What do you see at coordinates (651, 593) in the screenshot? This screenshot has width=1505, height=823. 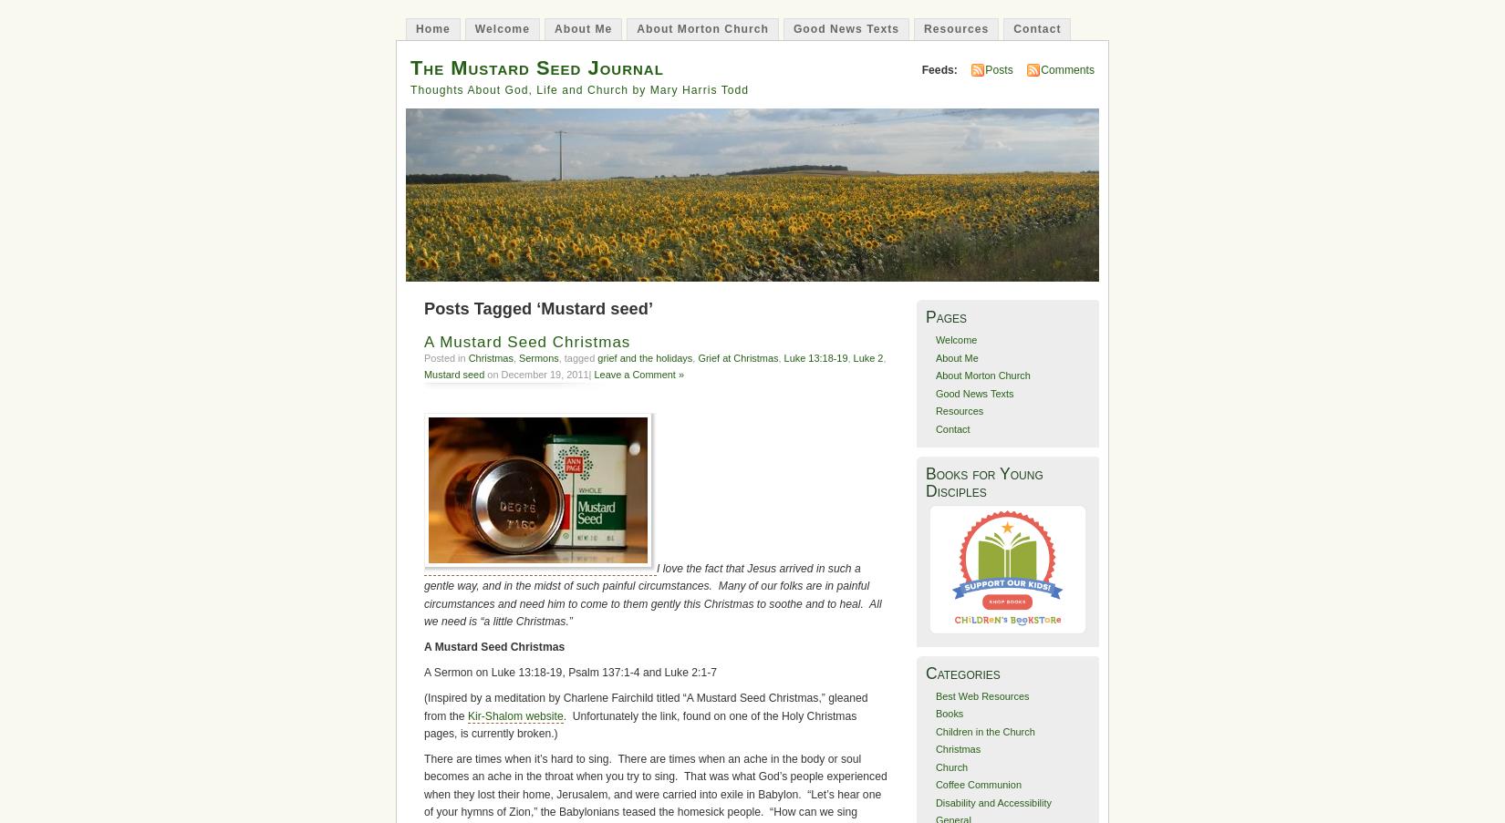 I see `'I love the fact that Jesus arrived in such a gentle way, and in the midst of such painful circumstances.  Many of our folks are in painful circumstances and need him to come to them gently this Christmas to soothe and to heal.  All we need is “a little Christmas.”'` at bounding box center [651, 593].